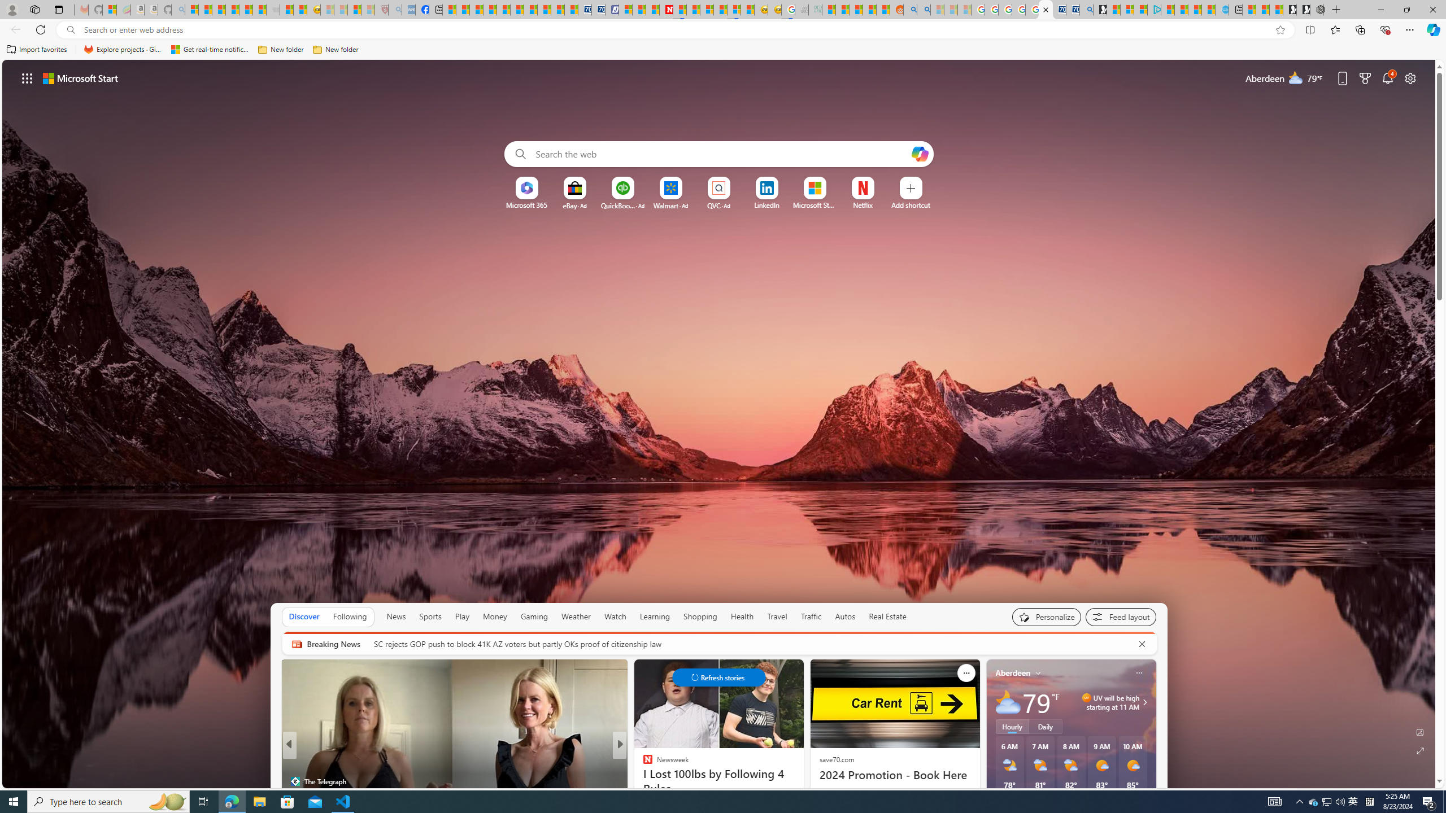 The width and height of the screenshot is (1446, 813). What do you see at coordinates (718, 676) in the screenshot?
I see `'Class: control'` at bounding box center [718, 676].